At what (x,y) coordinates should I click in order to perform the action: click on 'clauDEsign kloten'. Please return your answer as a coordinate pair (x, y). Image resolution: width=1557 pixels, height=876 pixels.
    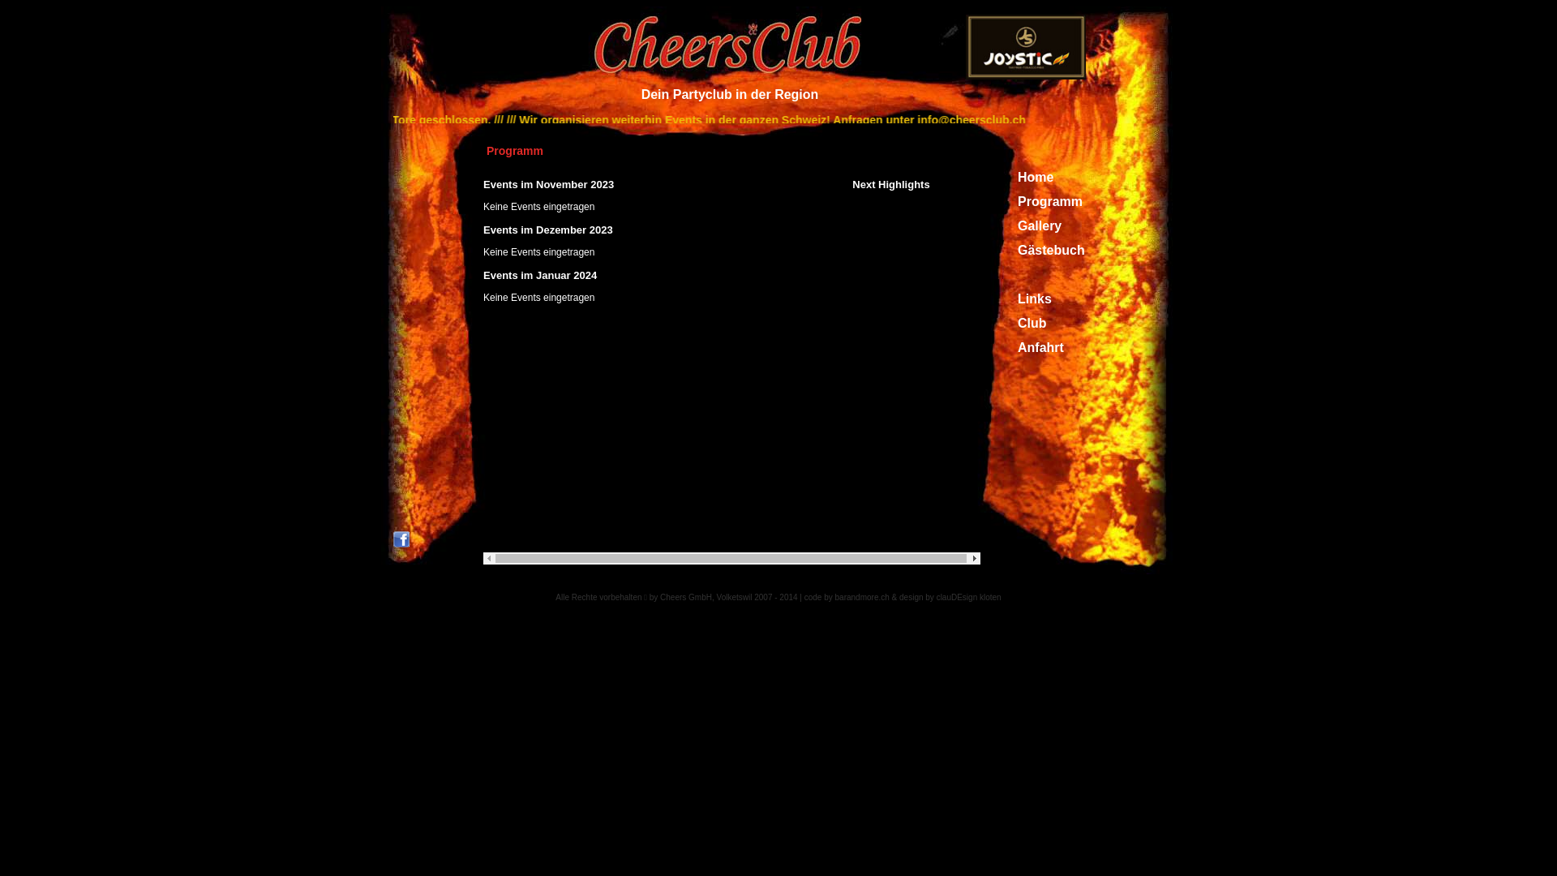
    Looking at the image, I should click on (969, 597).